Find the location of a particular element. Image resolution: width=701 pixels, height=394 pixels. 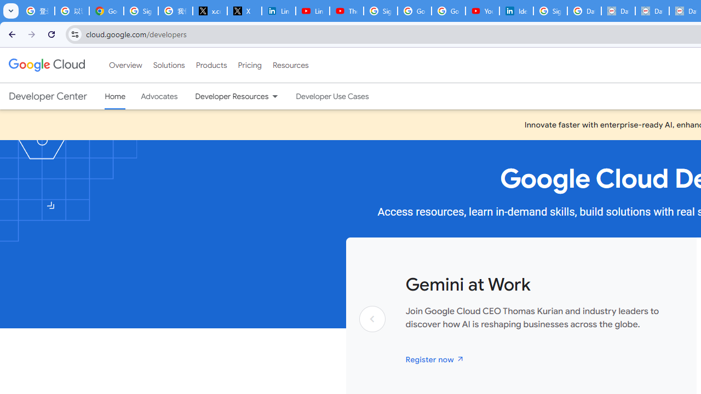

'LinkedIn Privacy Policy' is located at coordinates (278, 11).